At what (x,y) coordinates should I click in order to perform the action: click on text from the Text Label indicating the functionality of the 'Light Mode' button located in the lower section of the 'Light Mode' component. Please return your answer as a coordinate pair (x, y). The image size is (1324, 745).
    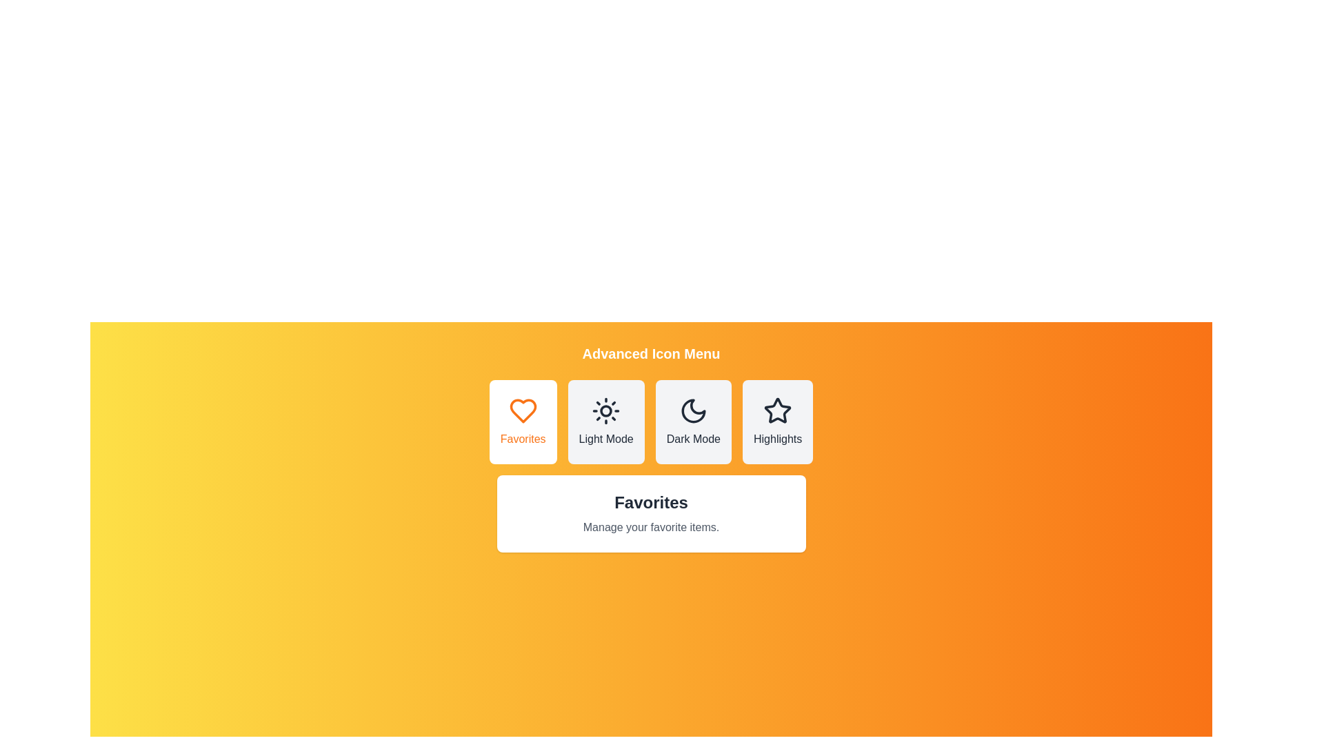
    Looking at the image, I should click on (606, 439).